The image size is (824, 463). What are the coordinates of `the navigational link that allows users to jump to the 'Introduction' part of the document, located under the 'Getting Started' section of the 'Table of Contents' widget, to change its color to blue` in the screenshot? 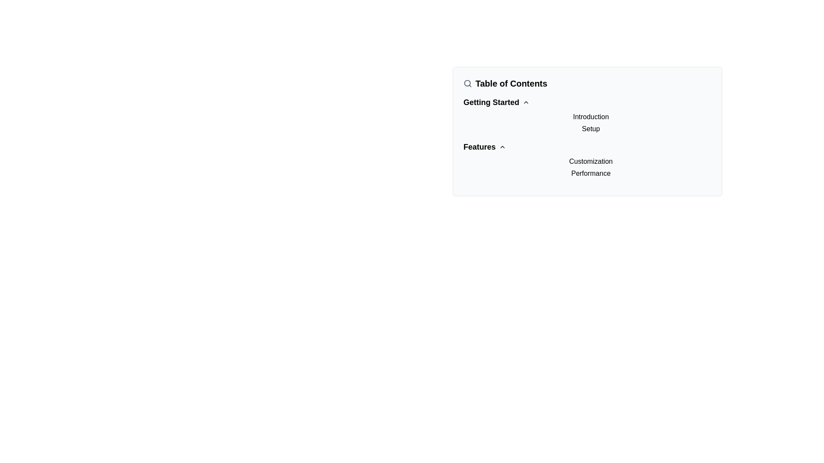 It's located at (591, 117).